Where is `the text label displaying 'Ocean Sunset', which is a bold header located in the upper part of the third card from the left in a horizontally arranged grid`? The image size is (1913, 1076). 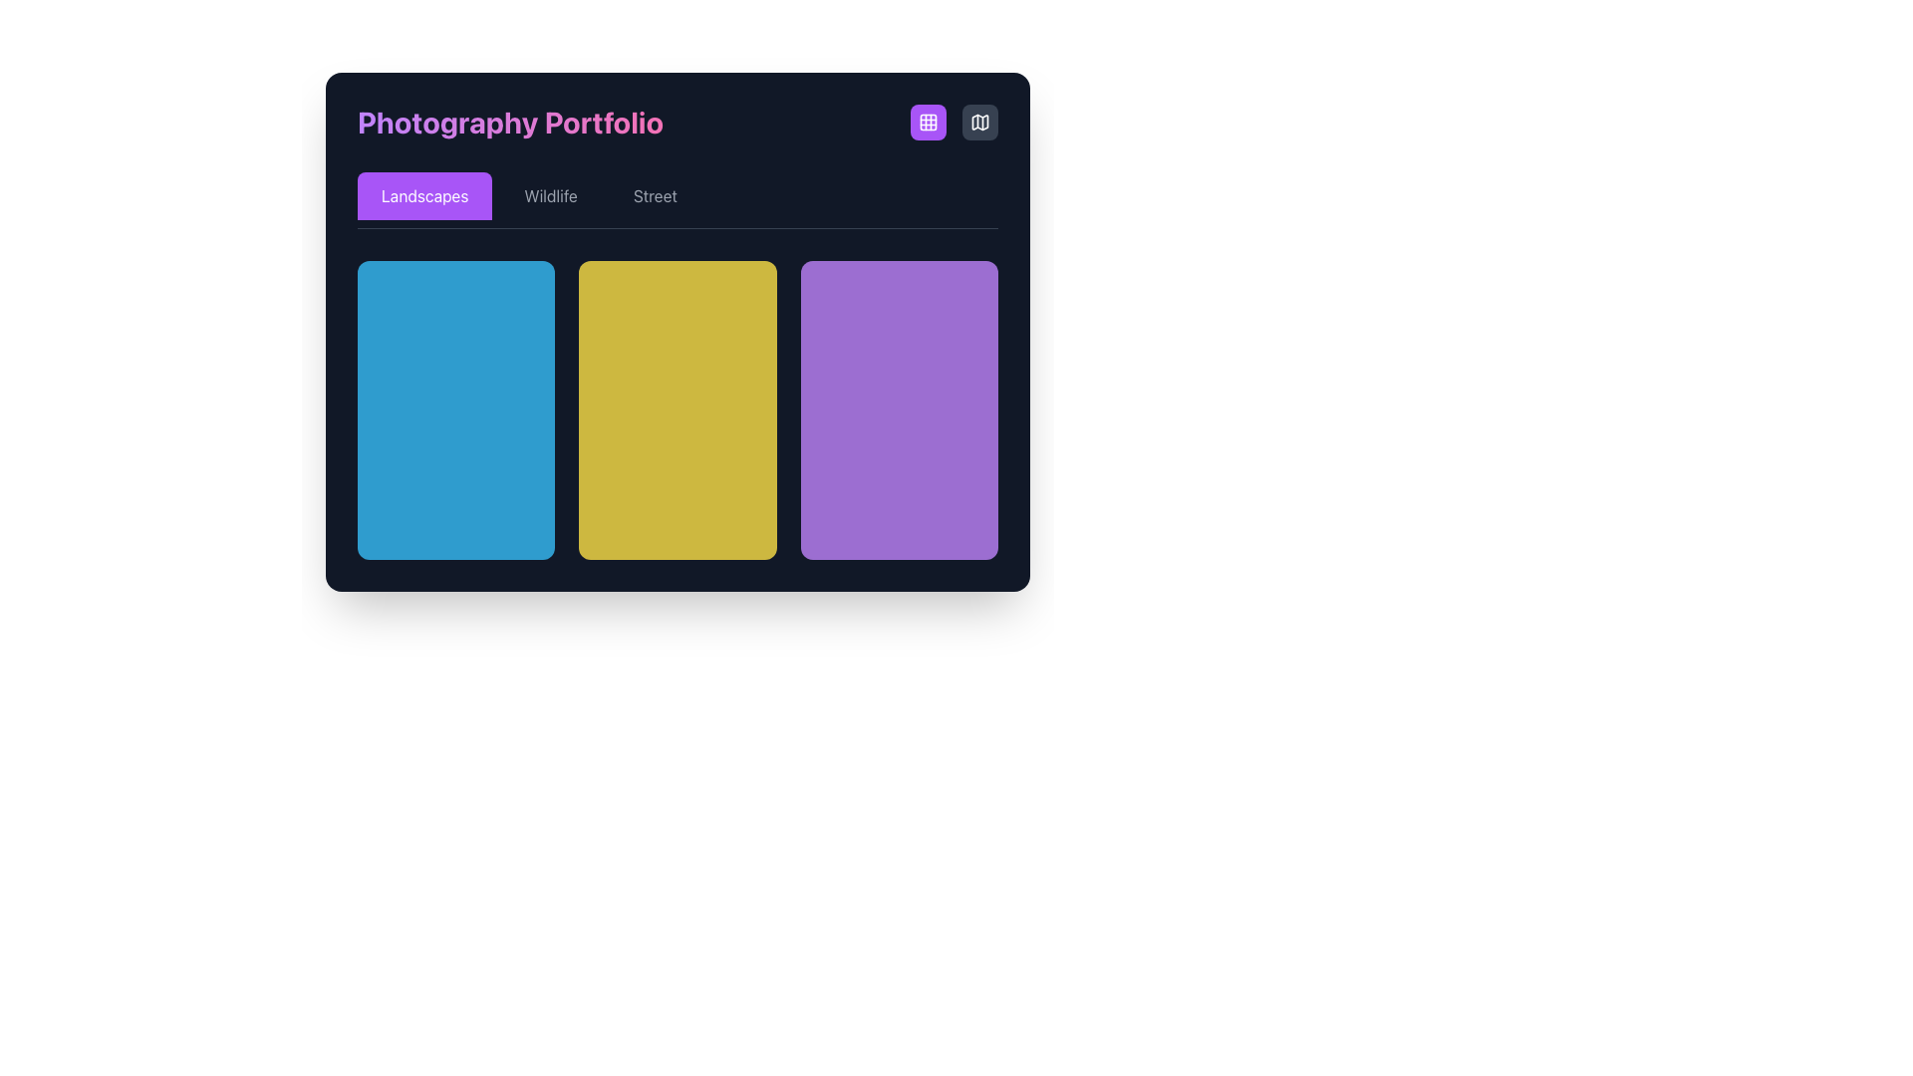
the text label displaying 'Ocean Sunset', which is a bold header located in the upper part of the third card from the left in a horizontally arranged grid is located at coordinates (867, 304).